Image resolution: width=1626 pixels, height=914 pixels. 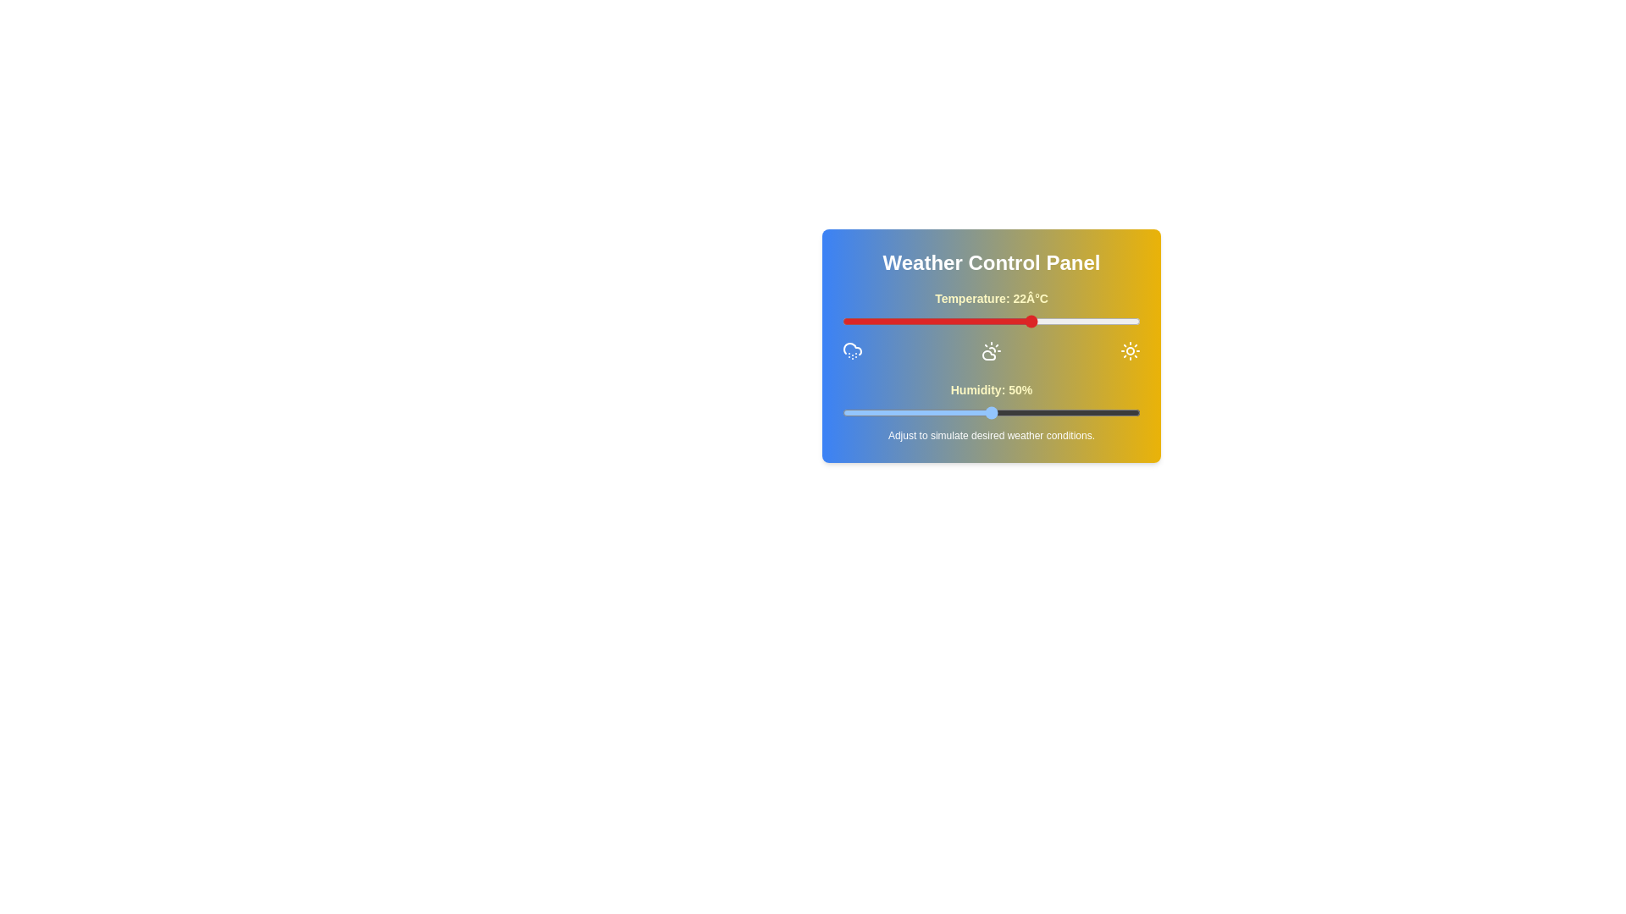 I want to click on the temperature, so click(x=860, y=322).